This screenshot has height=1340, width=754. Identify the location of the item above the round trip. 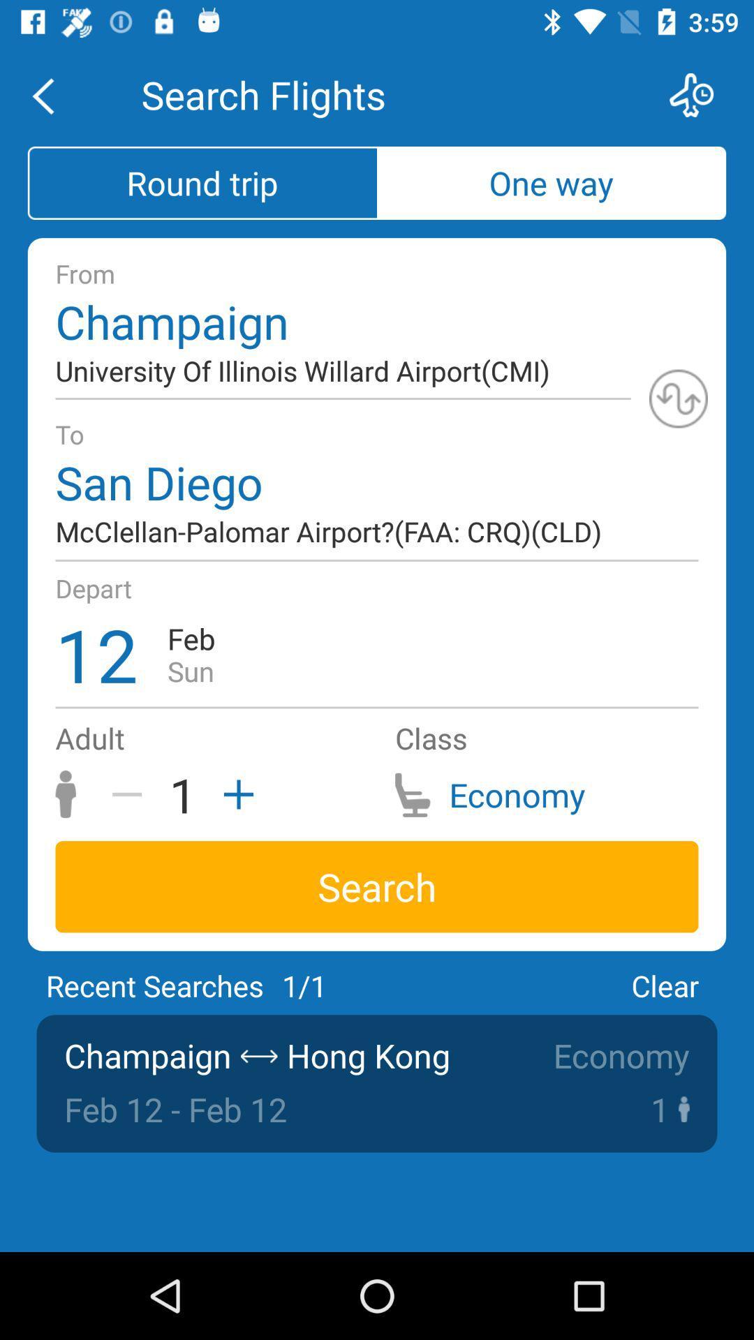
(50, 94).